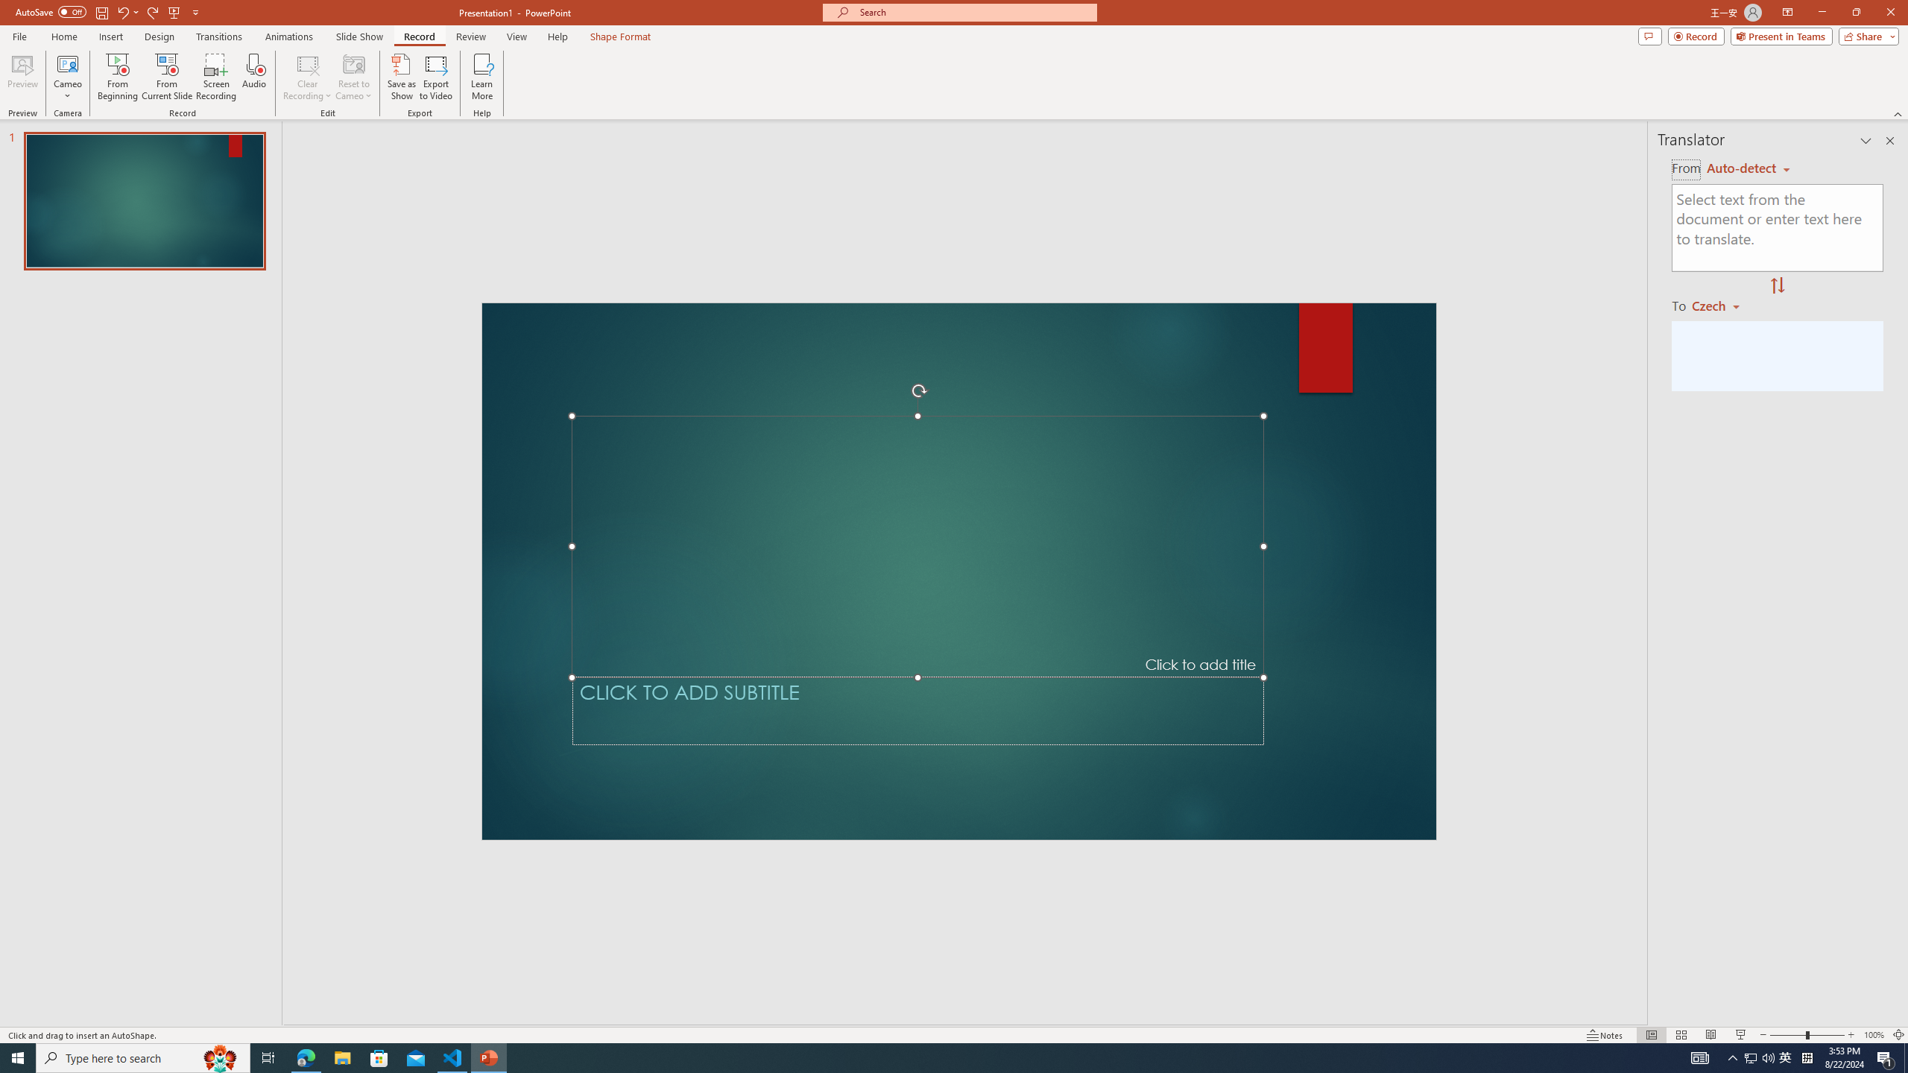 The height and width of the screenshot is (1073, 1908). Describe the element at coordinates (51, 11) in the screenshot. I see `'AutoSave'` at that location.